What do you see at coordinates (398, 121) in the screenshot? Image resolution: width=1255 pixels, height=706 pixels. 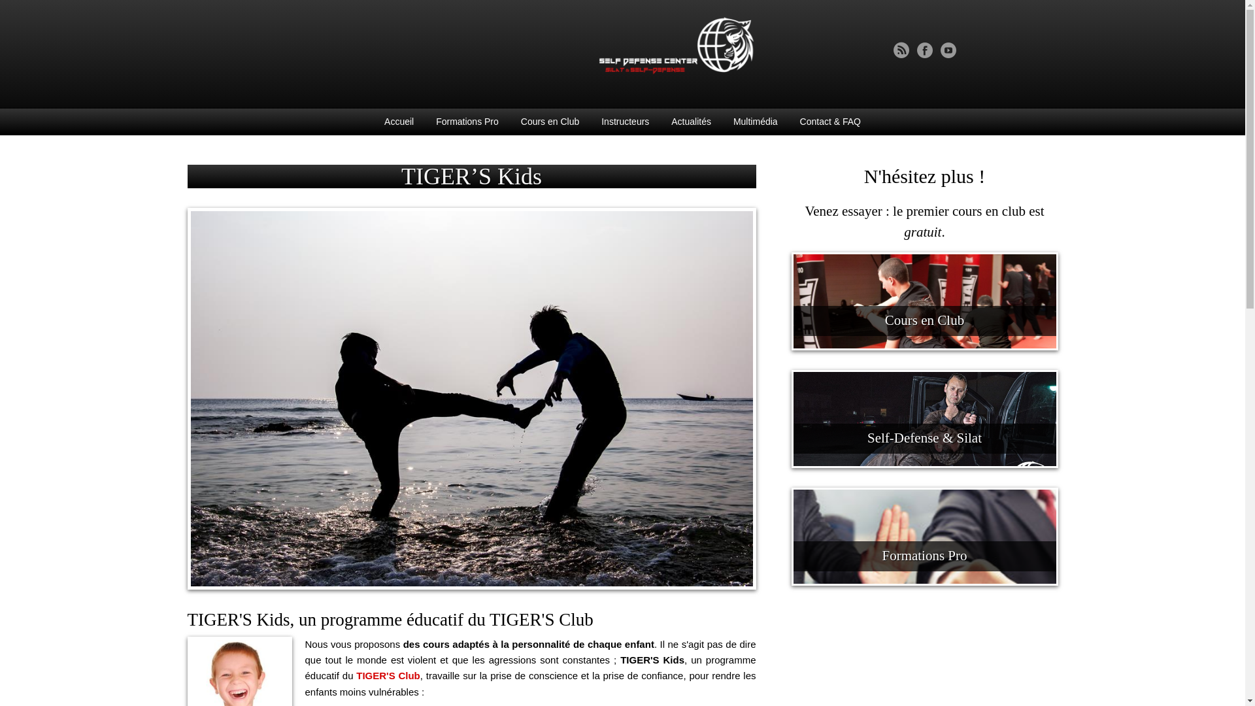 I see `'Accueil'` at bounding box center [398, 121].